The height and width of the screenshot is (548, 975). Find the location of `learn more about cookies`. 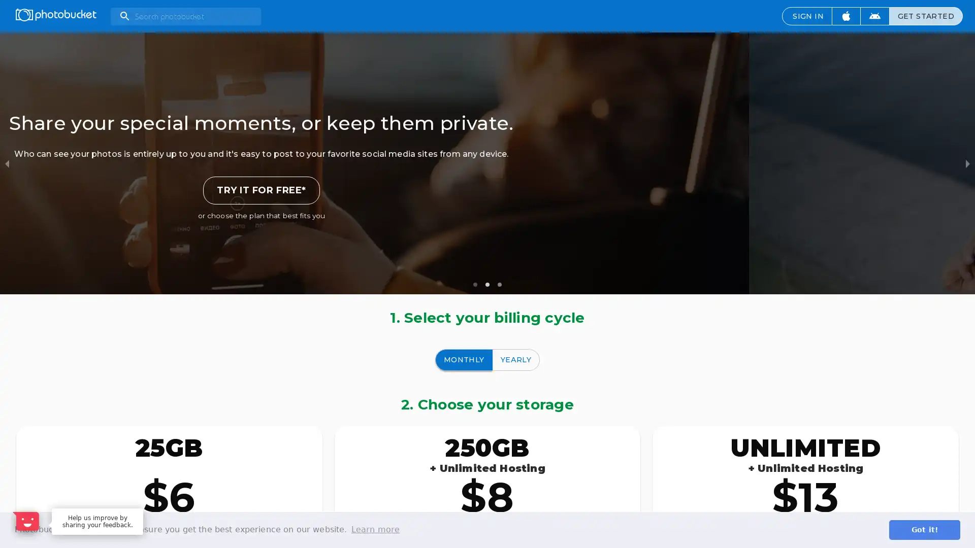

learn more about cookies is located at coordinates (375, 529).